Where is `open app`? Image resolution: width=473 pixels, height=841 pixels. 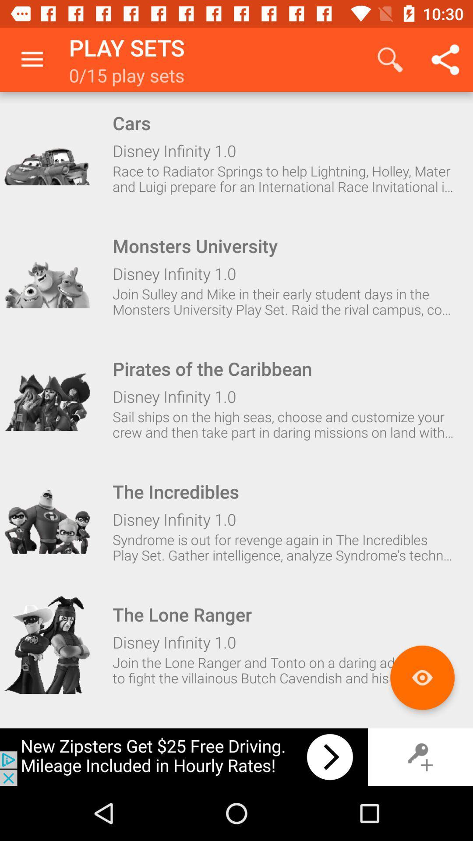
open app is located at coordinates (47, 399).